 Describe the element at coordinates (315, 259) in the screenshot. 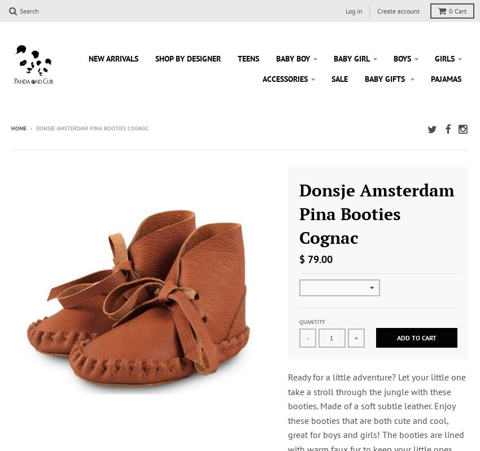

I see `'$ 79.00'` at that location.